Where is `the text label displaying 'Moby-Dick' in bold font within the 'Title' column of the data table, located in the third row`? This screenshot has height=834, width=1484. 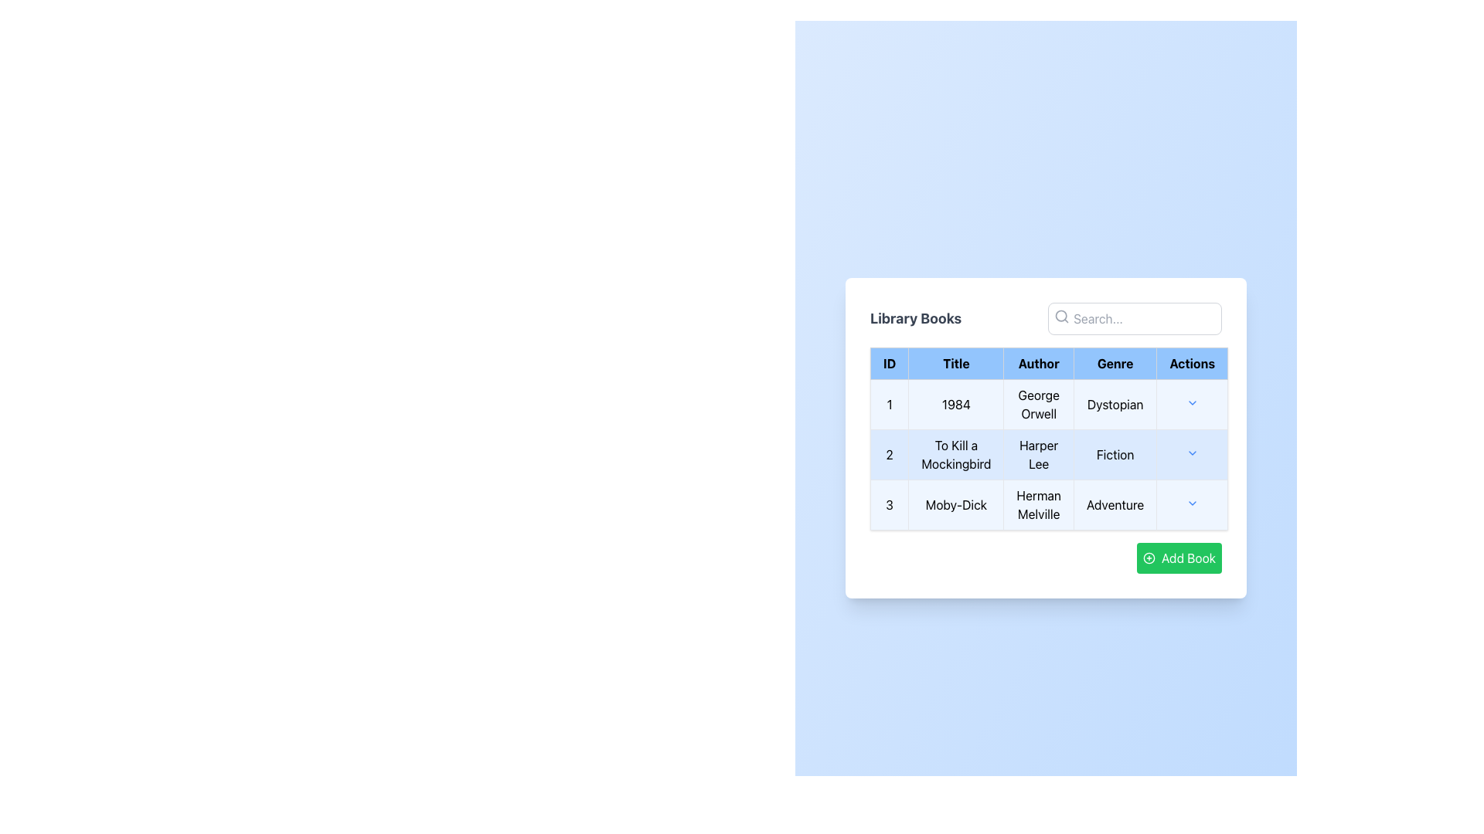 the text label displaying 'Moby-Dick' in bold font within the 'Title' column of the data table, located in the third row is located at coordinates (955, 504).